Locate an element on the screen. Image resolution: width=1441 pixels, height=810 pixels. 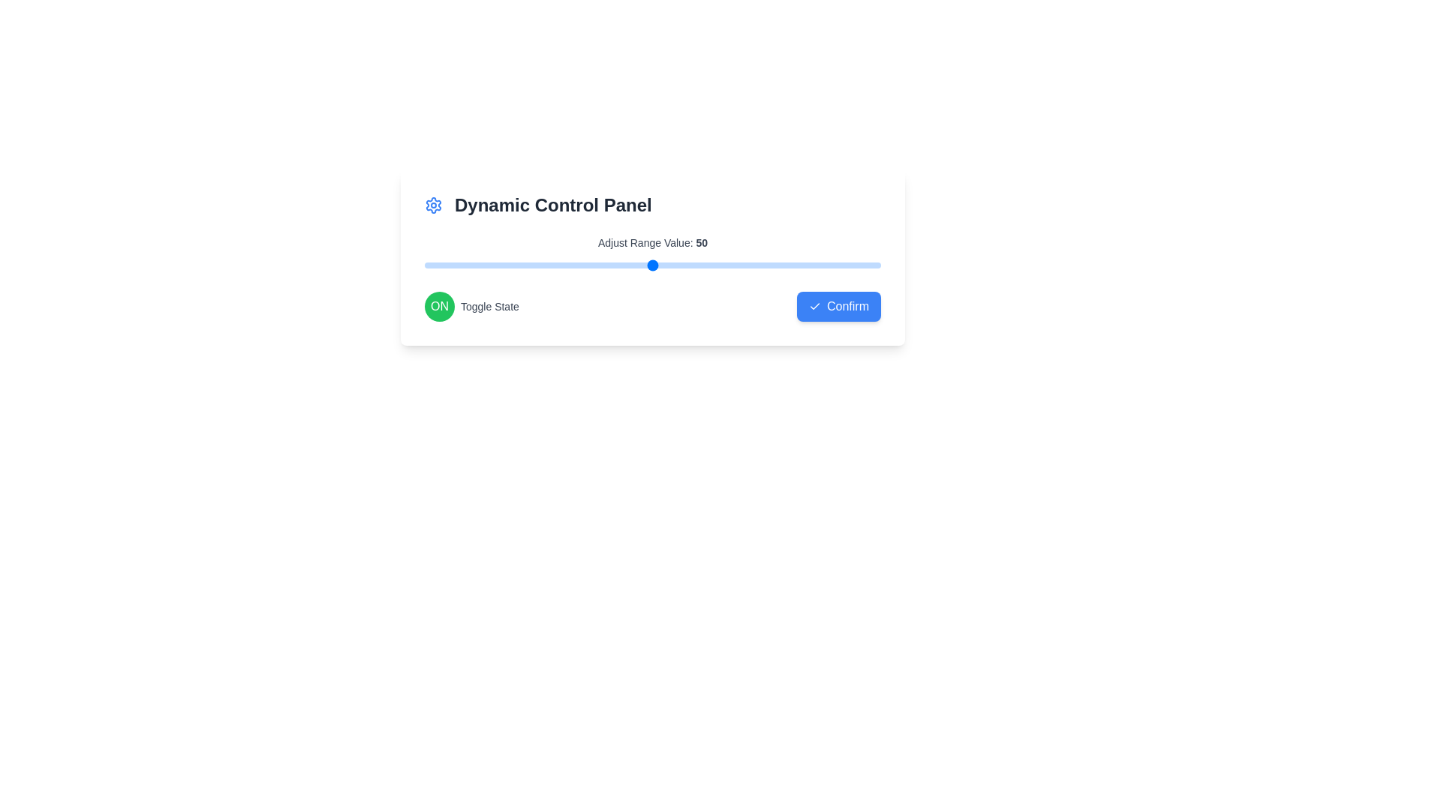
the range value is located at coordinates (844, 265).